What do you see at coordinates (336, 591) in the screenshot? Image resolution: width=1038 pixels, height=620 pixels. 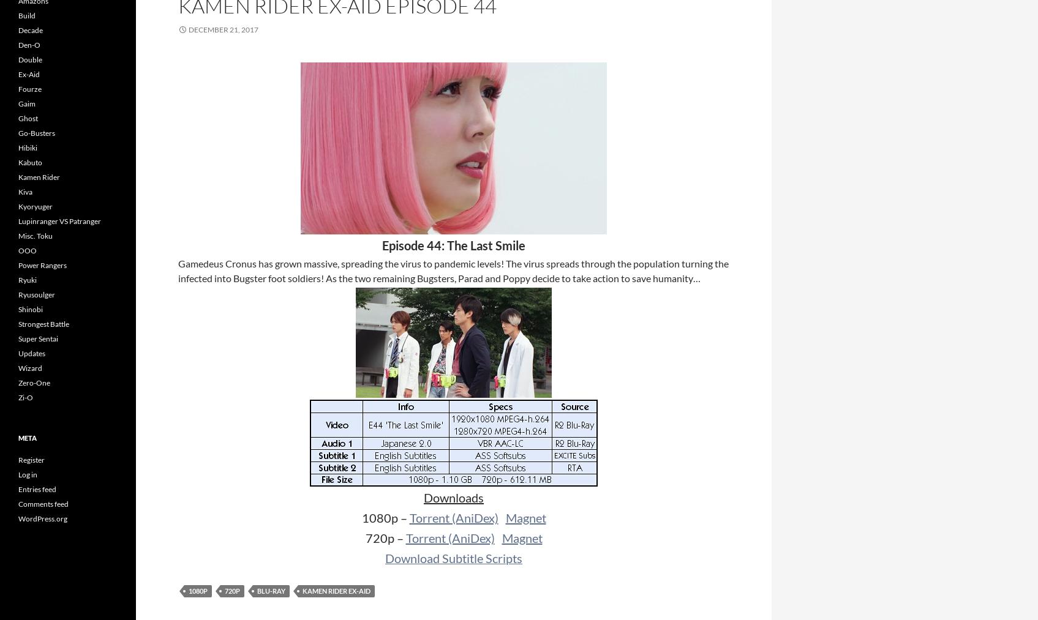 I see `'Kamen Rider Ex-Aid'` at bounding box center [336, 591].